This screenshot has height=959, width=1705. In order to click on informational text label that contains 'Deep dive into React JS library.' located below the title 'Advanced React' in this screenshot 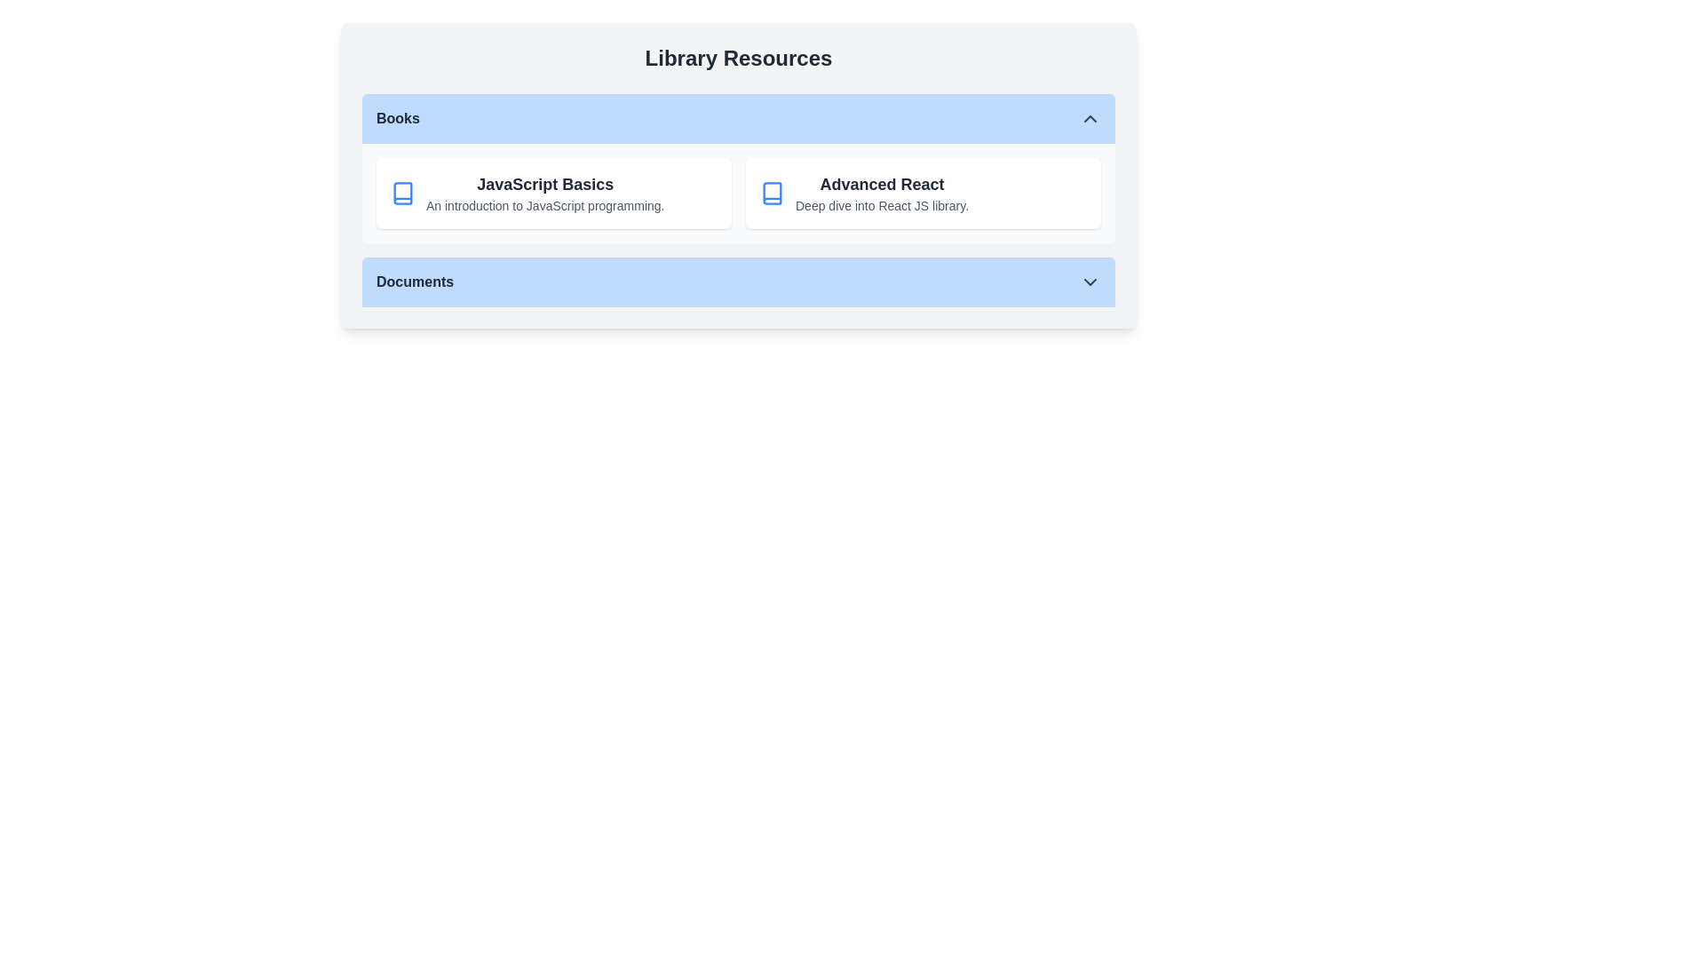, I will do `click(882, 204)`.